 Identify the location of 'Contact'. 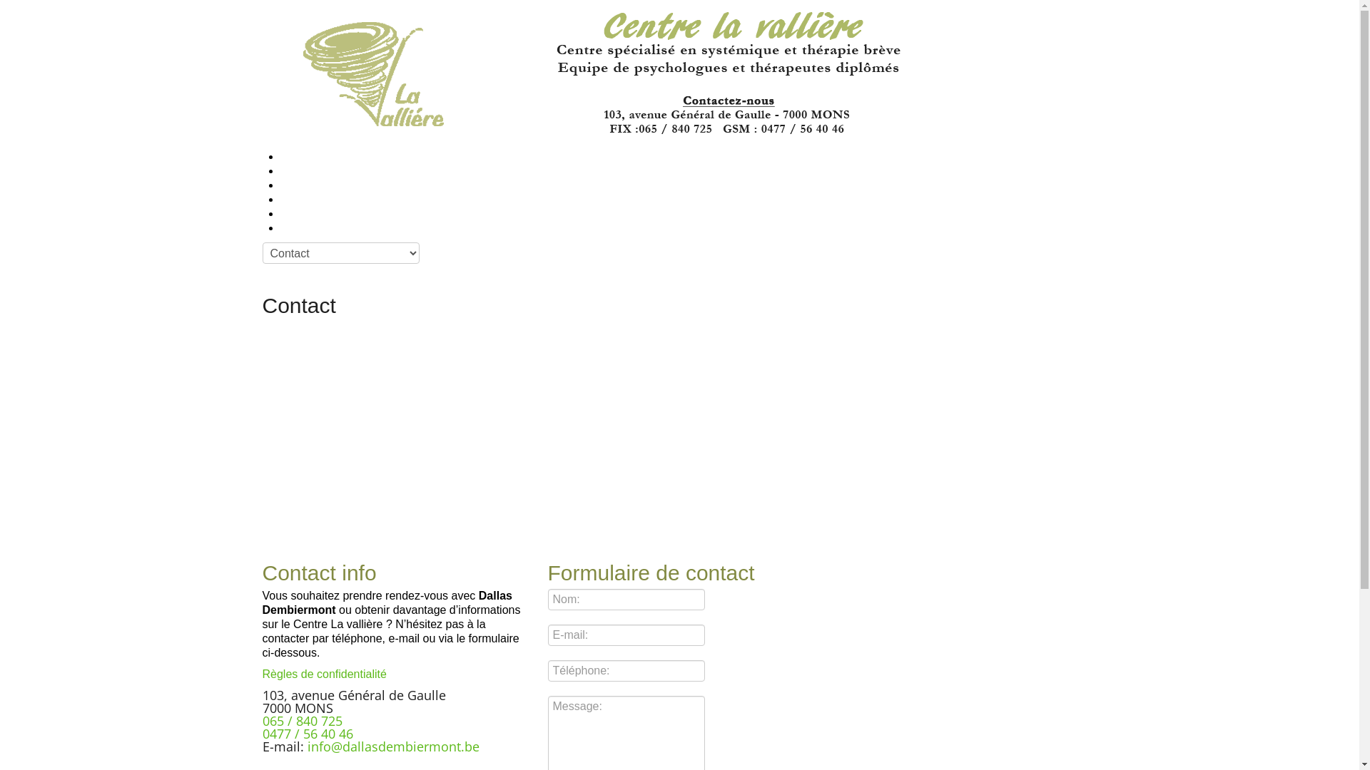
(293, 227).